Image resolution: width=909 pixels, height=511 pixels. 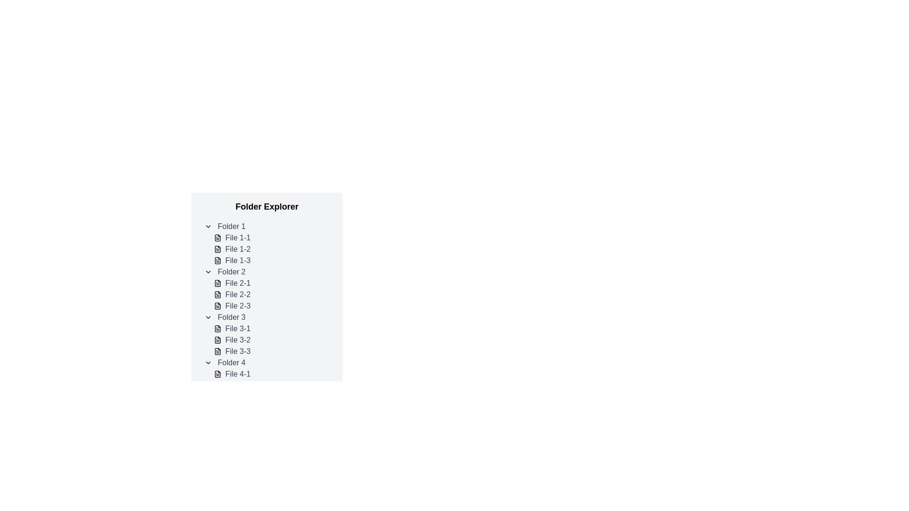 I want to click on on the text label representing the folder entry named 'Folder 1' in the hierarchical navigation menu, so click(x=232, y=226).